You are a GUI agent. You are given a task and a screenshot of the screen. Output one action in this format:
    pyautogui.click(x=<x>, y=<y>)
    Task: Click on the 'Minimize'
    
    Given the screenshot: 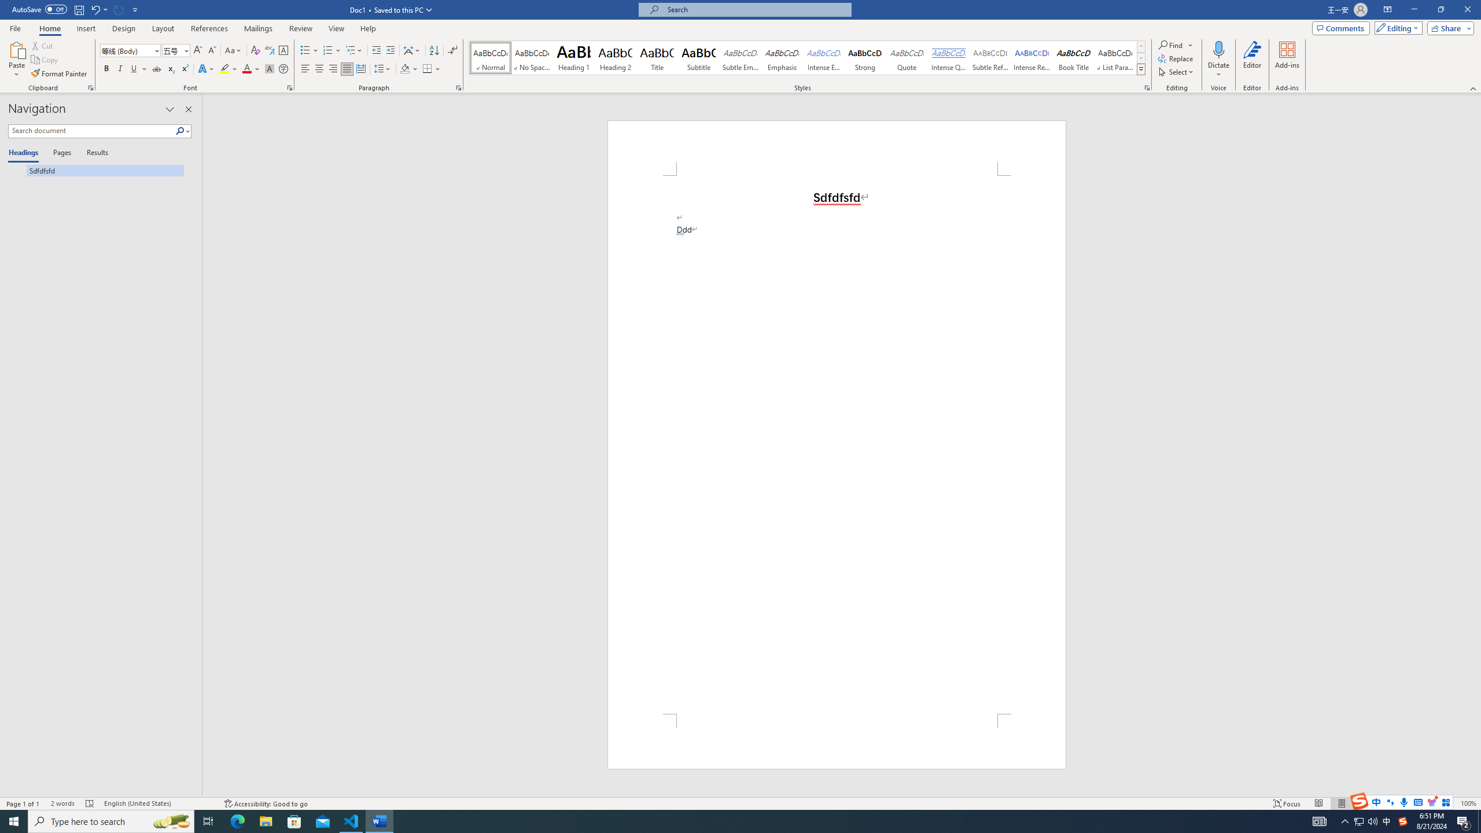 What is the action you would take?
    pyautogui.click(x=1413, y=9)
    